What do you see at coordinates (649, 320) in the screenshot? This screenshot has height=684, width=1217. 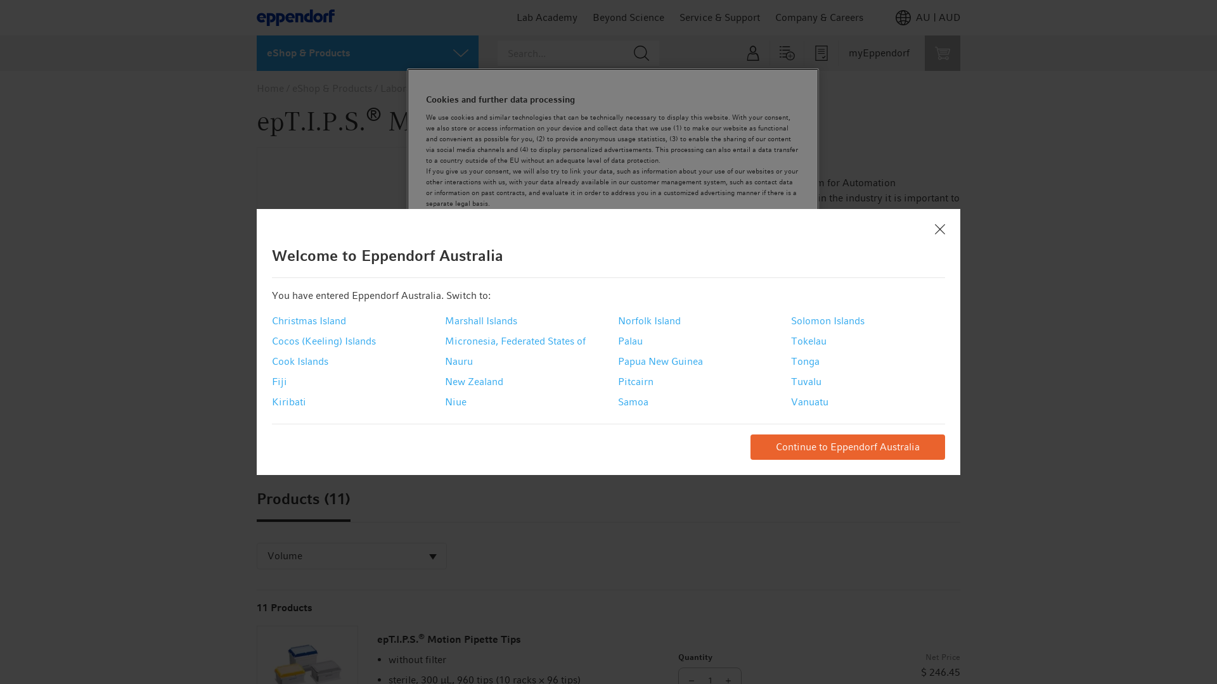 I see `'Norfolk Island'` at bounding box center [649, 320].